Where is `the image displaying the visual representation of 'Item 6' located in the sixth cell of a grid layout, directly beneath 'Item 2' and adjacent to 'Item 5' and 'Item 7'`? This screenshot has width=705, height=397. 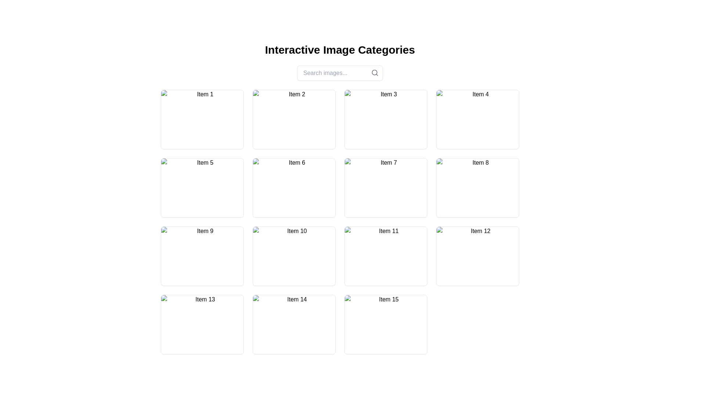
the image displaying the visual representation of 'Item 6' located in the sixth cell of a grid layout, directly beneath 'Item 2' and adjacent to 'Item 5' and 'Item 7' is located at coordinates (294, 187).